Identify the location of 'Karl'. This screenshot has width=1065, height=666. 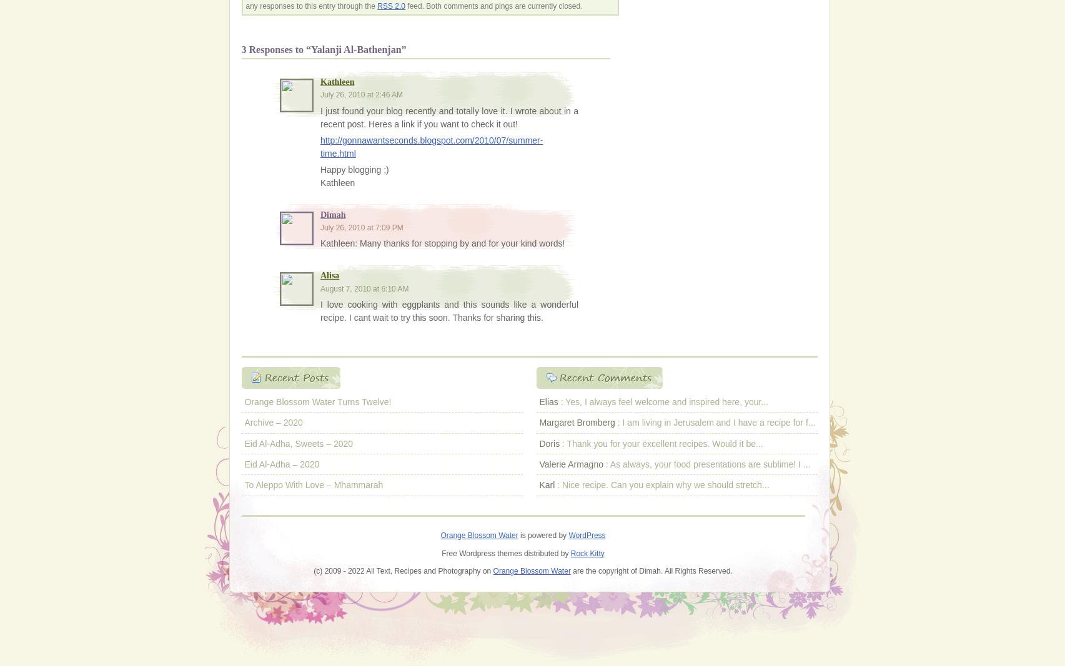
(546, 484).